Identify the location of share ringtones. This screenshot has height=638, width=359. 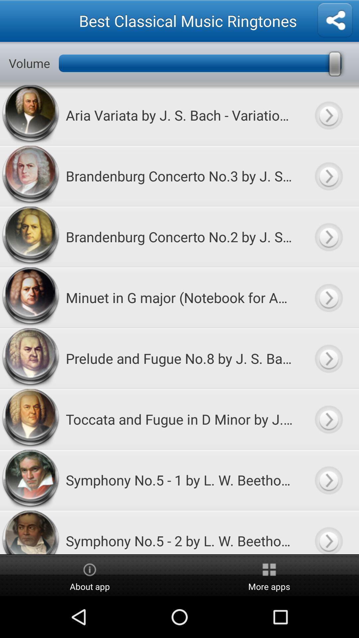
(335, 21).